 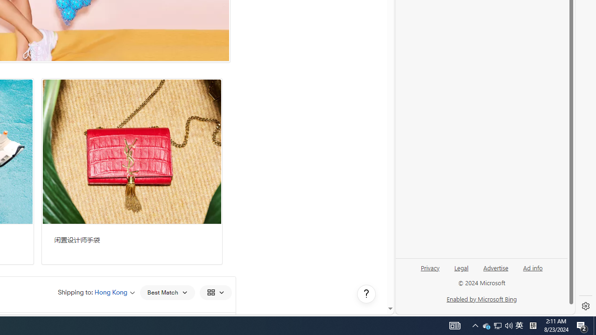 What do you see at coordinates (366, 294) in the screenshot?
I see `'Help, opens dialogs'` at bounding box center [366, 294].